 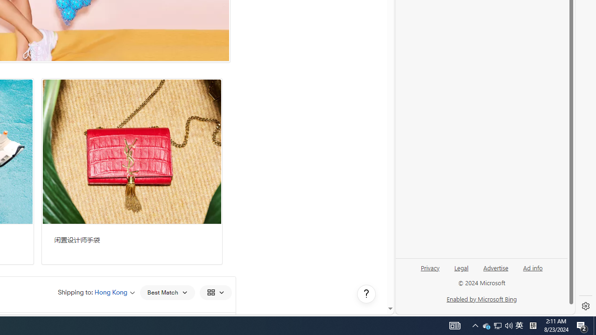 What do you see at coordinates (366, 294) in the screenshot?
I see `'Help, opens dialogs'` at bounding box center [366, 294].